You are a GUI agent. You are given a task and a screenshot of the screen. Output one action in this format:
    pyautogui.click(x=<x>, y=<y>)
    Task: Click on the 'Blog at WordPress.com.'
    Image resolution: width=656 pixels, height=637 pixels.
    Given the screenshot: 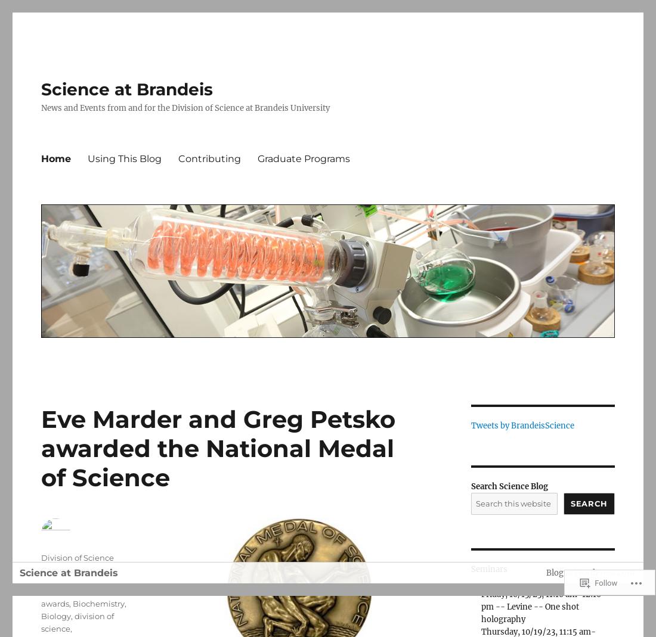 What is the action you would take?
    pyautogui.click(x=590, y=572)
    